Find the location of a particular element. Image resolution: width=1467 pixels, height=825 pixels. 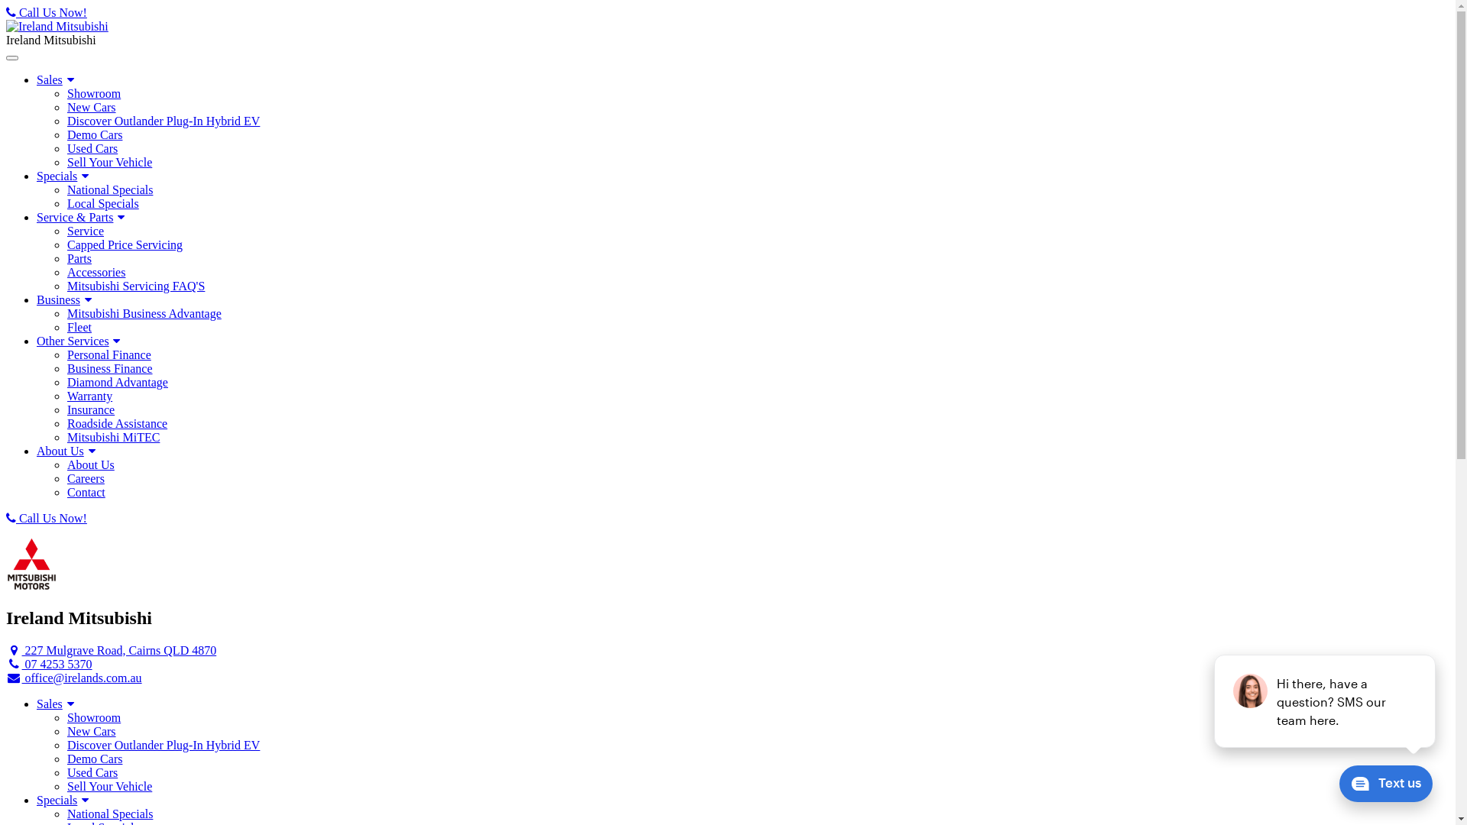

'Service & Parts' is located at coordinates (82, 217).